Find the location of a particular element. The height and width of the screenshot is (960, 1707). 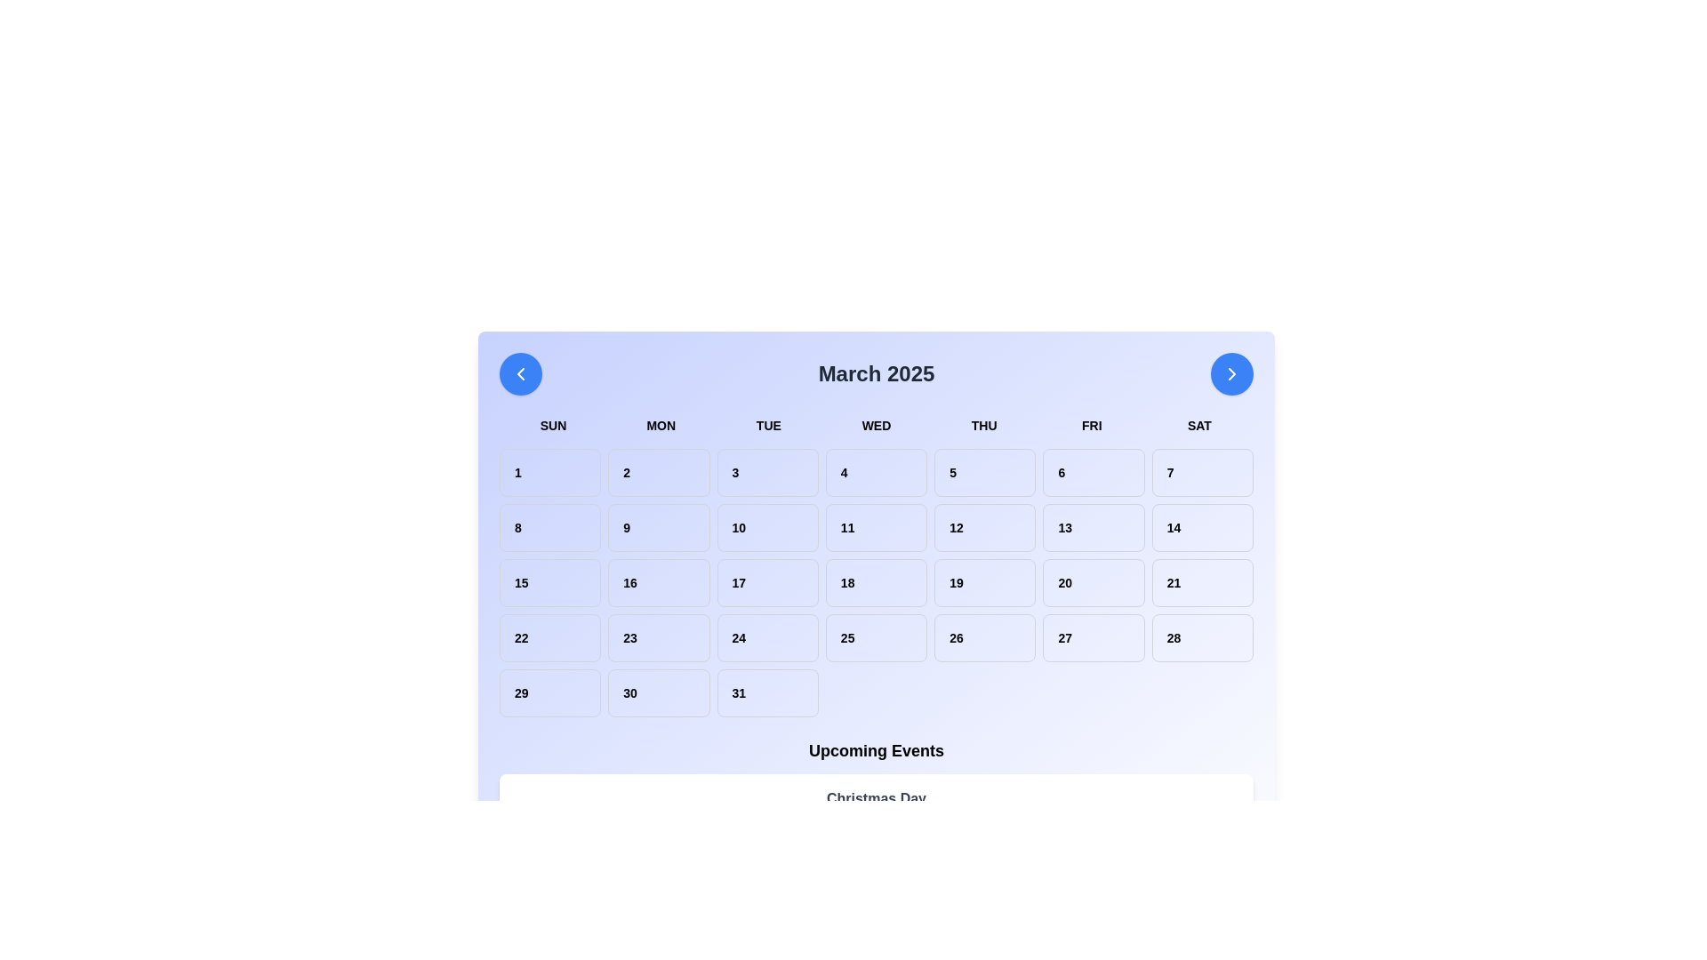

the button representing the 12th day of the month in the calendar grid is located at coordinates (984, 527).